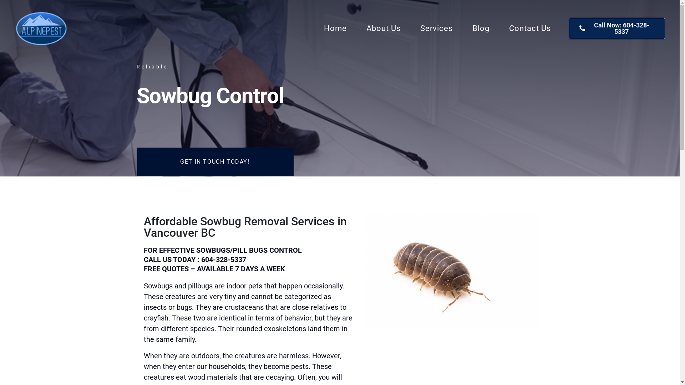 The height and width of the screenshot is (385, 685). I want to click on 'Call Now: 604-328-5337', so click(568, 28).